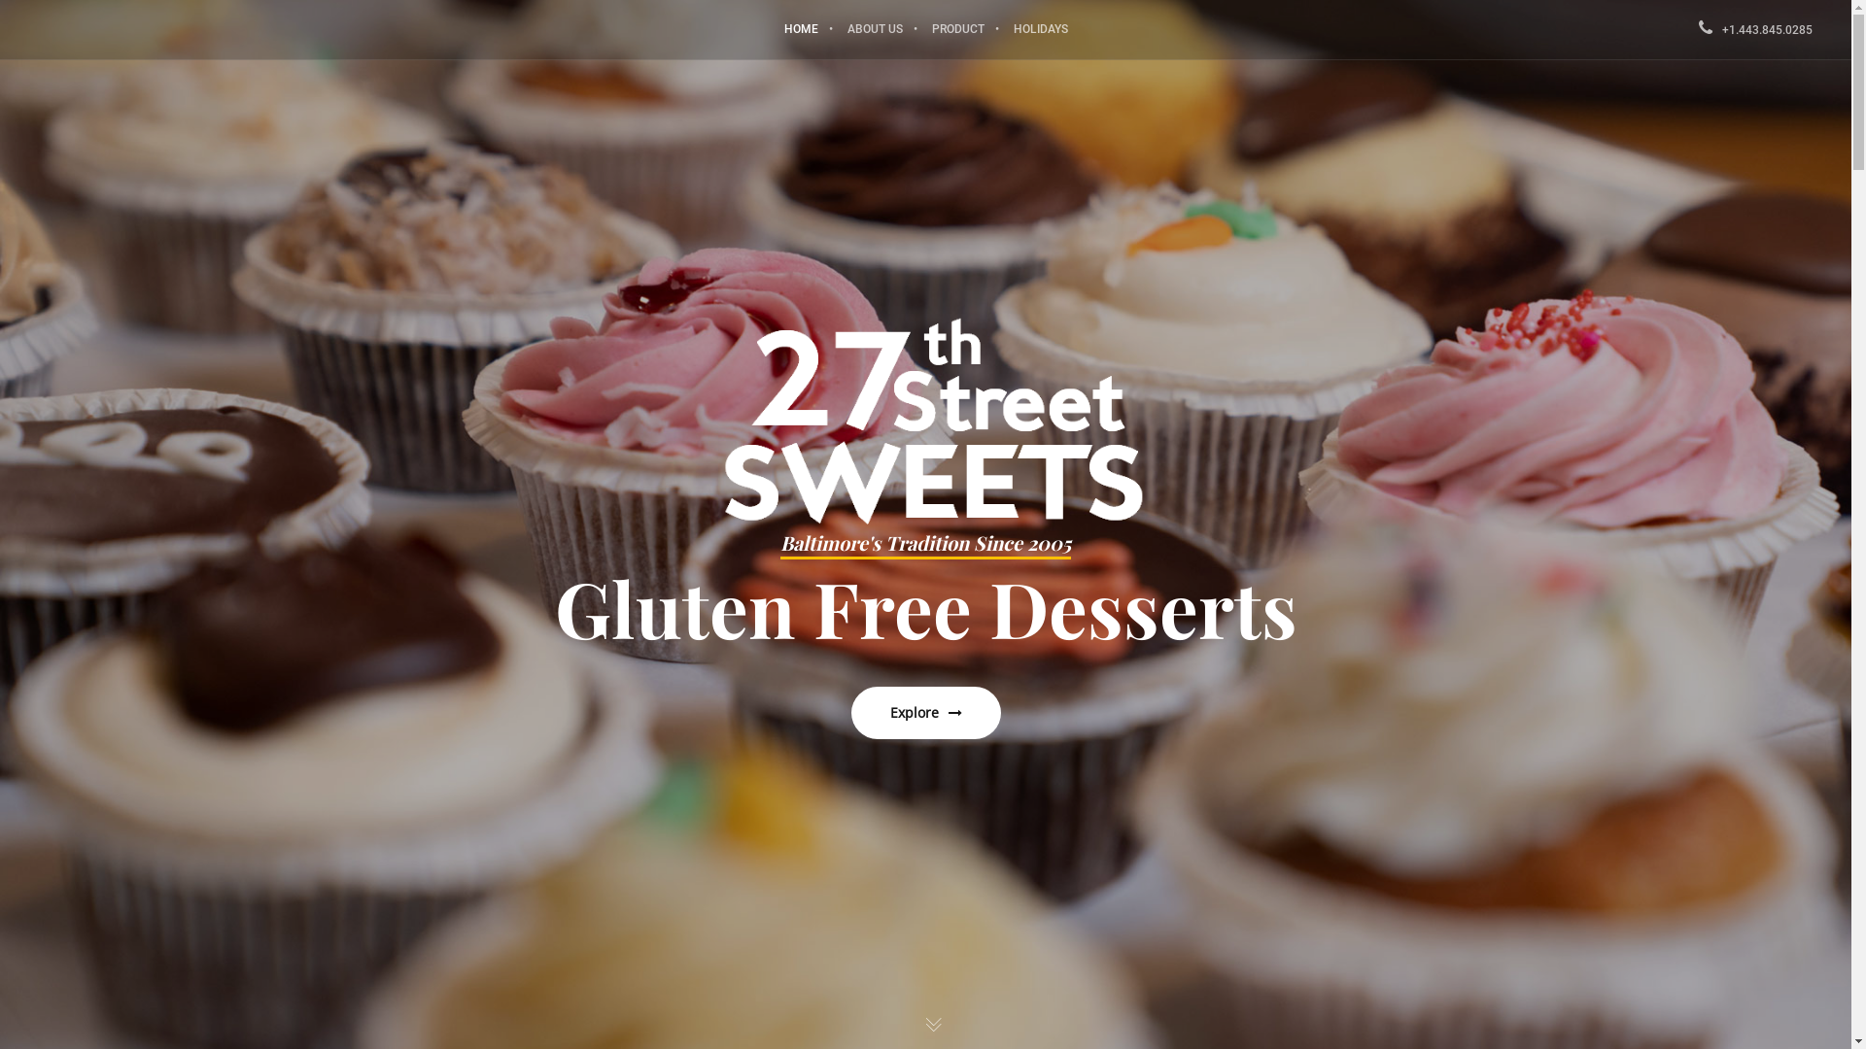 Image resolution: width=1866 pixels, height=1049 pixels. I want to click on 'Explore', so click(850, 712).